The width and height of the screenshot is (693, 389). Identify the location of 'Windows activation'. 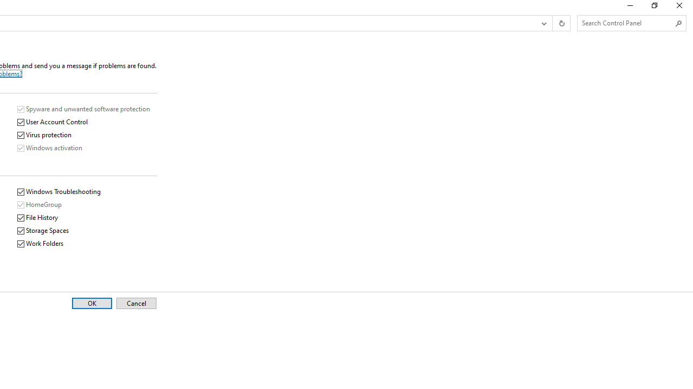
(49, 148).